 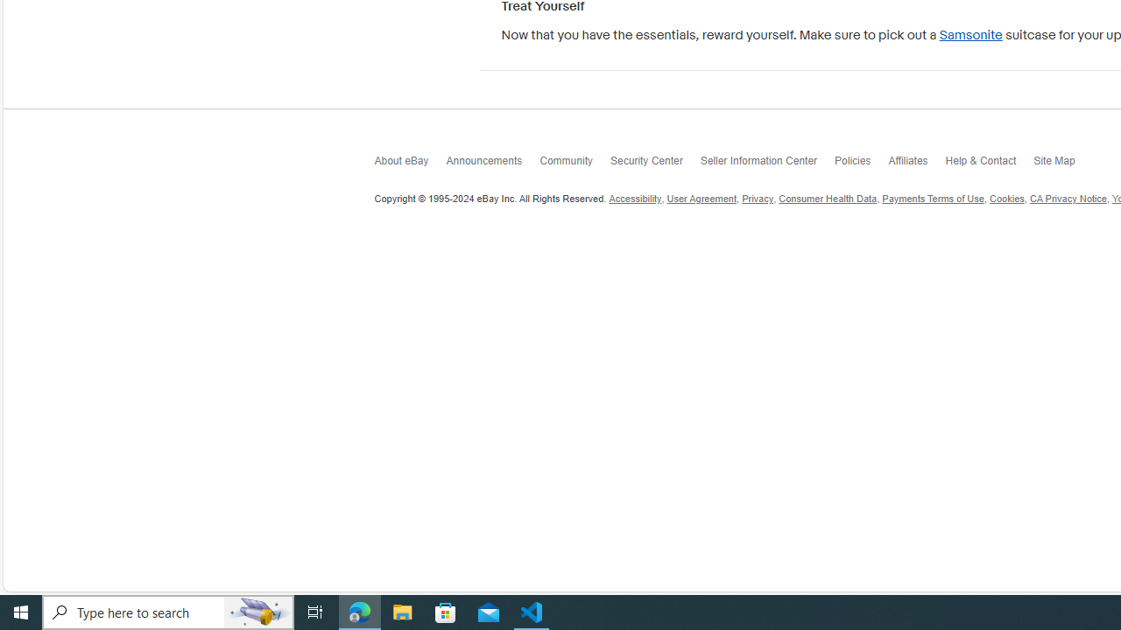 I want to click on 'Policies', so click(x=862, y=164).